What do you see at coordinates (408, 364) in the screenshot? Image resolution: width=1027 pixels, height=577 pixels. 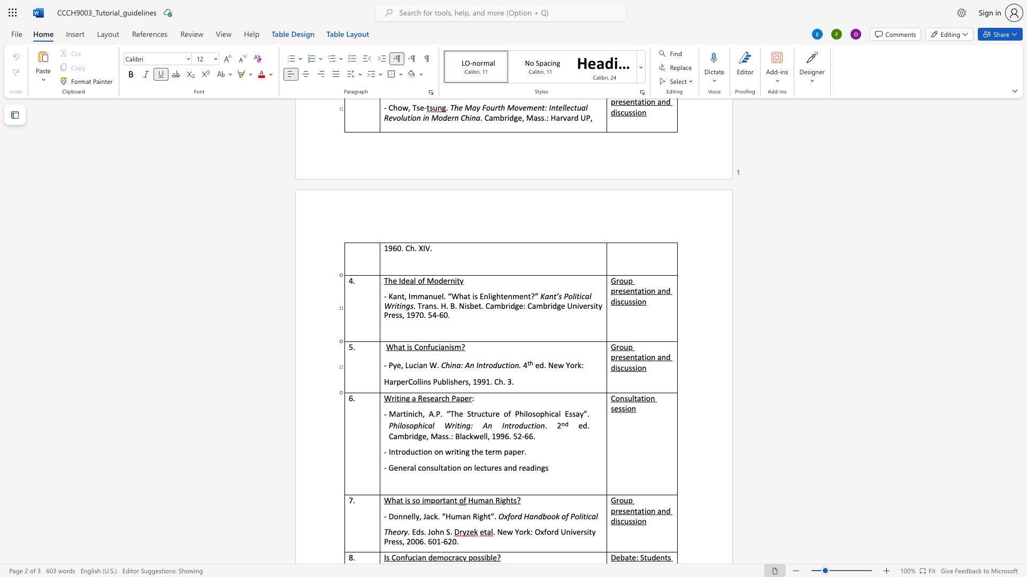 I see `the space between the continuous character "L" and "u" in the text` at bounding box center [408, 364].